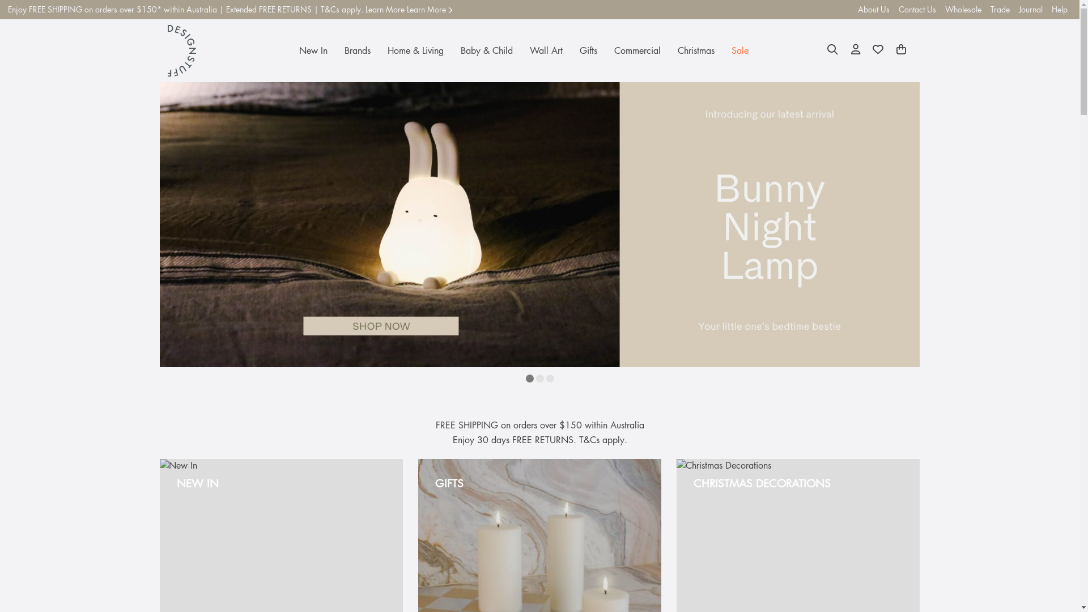 The width and height of the screenshot is (1088, 612). Describe the element at coordinates (856, 50) in the screenshot. I see `'View account menu'` at that location.